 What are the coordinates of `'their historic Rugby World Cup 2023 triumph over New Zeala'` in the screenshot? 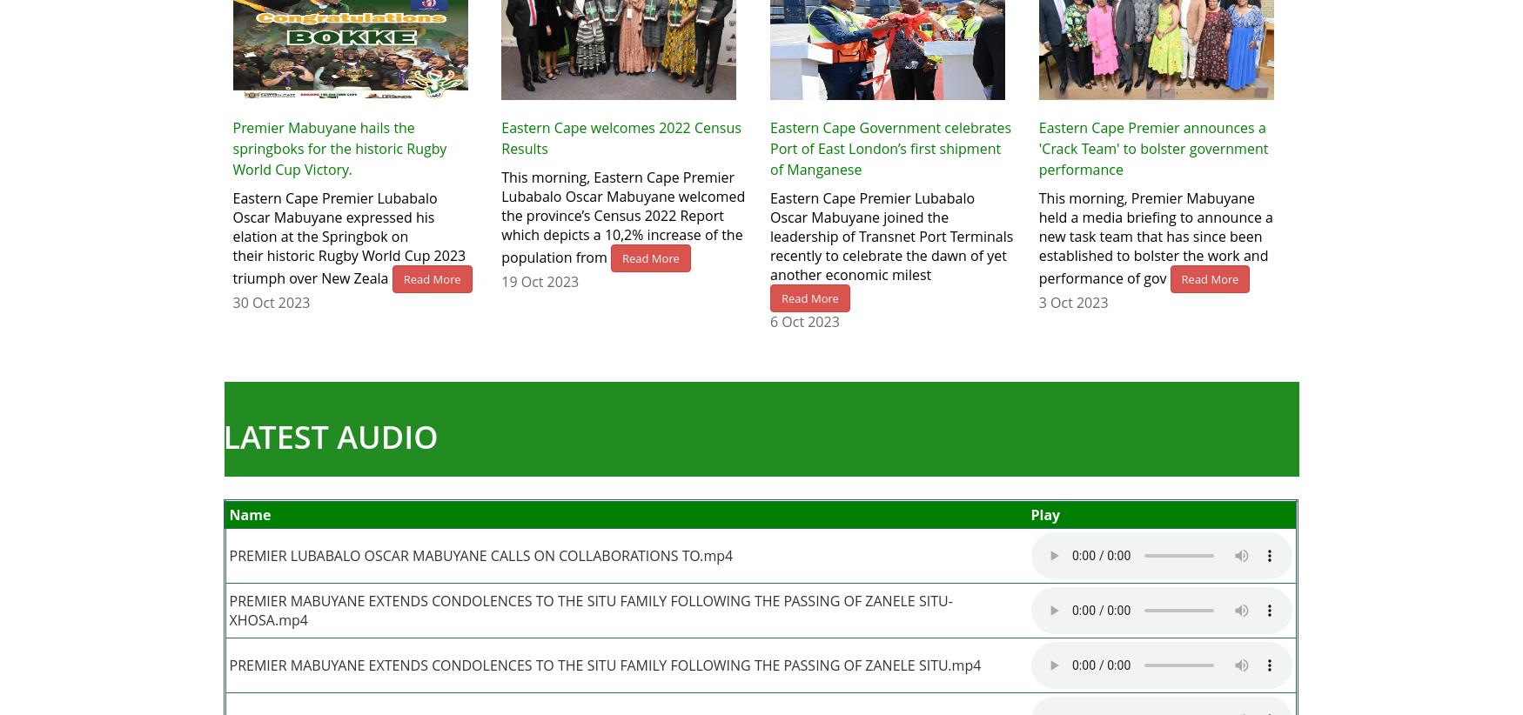 It's located at (347, 266).